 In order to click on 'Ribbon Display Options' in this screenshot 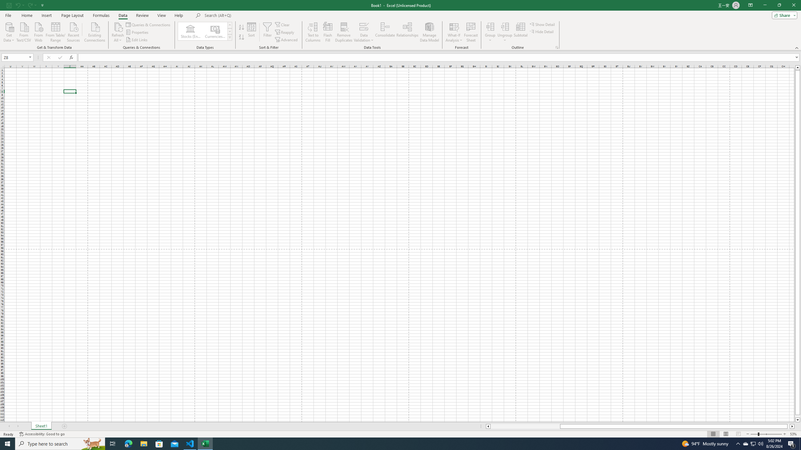, I will do `click(750, 5)`.